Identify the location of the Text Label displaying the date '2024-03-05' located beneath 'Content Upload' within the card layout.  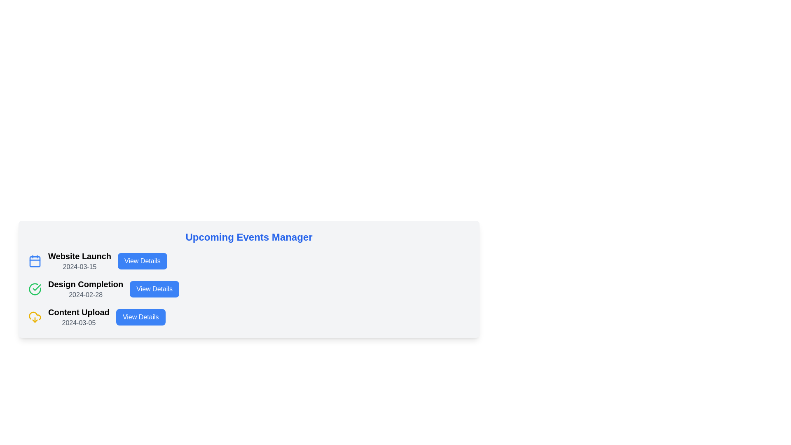
(79, 322).